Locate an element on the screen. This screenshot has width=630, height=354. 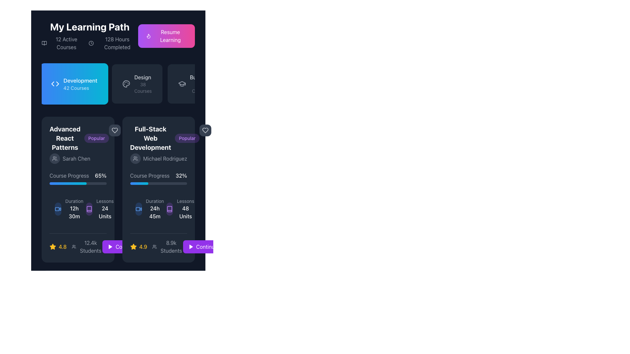
the 'Duration' label which displays '12h 30m' in white text below 'Duration' in light gray, located towards the bottom left of the 'Advanced React Patterns' card is located at coordinates (74, 209).